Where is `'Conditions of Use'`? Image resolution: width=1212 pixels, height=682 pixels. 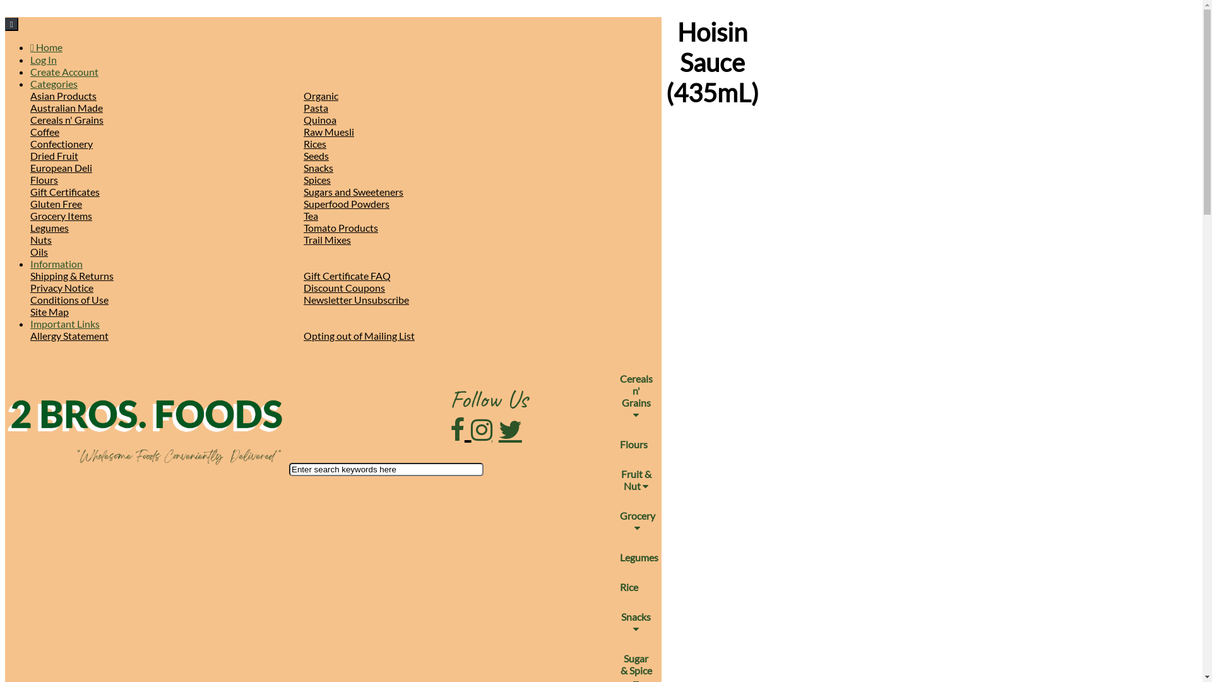
'Conditions of Use' is located at coordinates (69, 299).